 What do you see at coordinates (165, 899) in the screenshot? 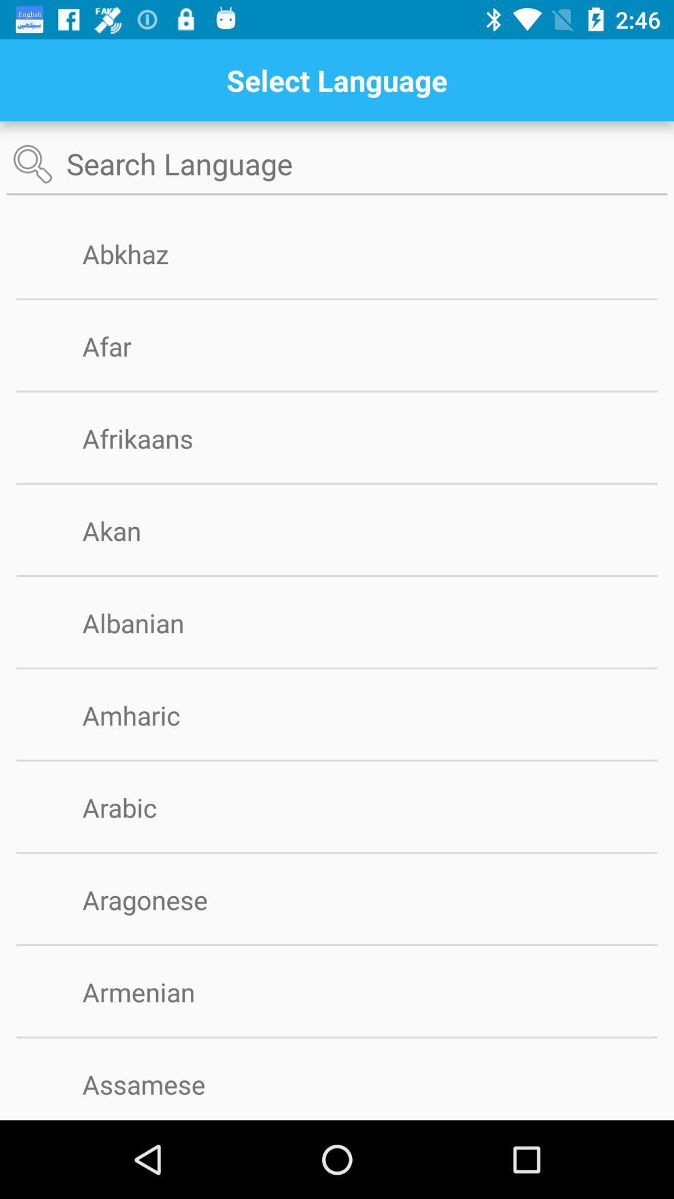
I see `aragonese app` at bounding box center [165, 899].